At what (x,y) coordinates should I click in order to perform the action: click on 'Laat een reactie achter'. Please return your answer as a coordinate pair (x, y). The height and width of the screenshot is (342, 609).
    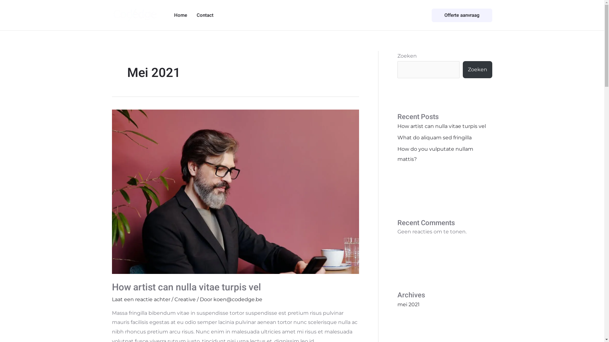
    Looking at the image, I should click on (141, 299).